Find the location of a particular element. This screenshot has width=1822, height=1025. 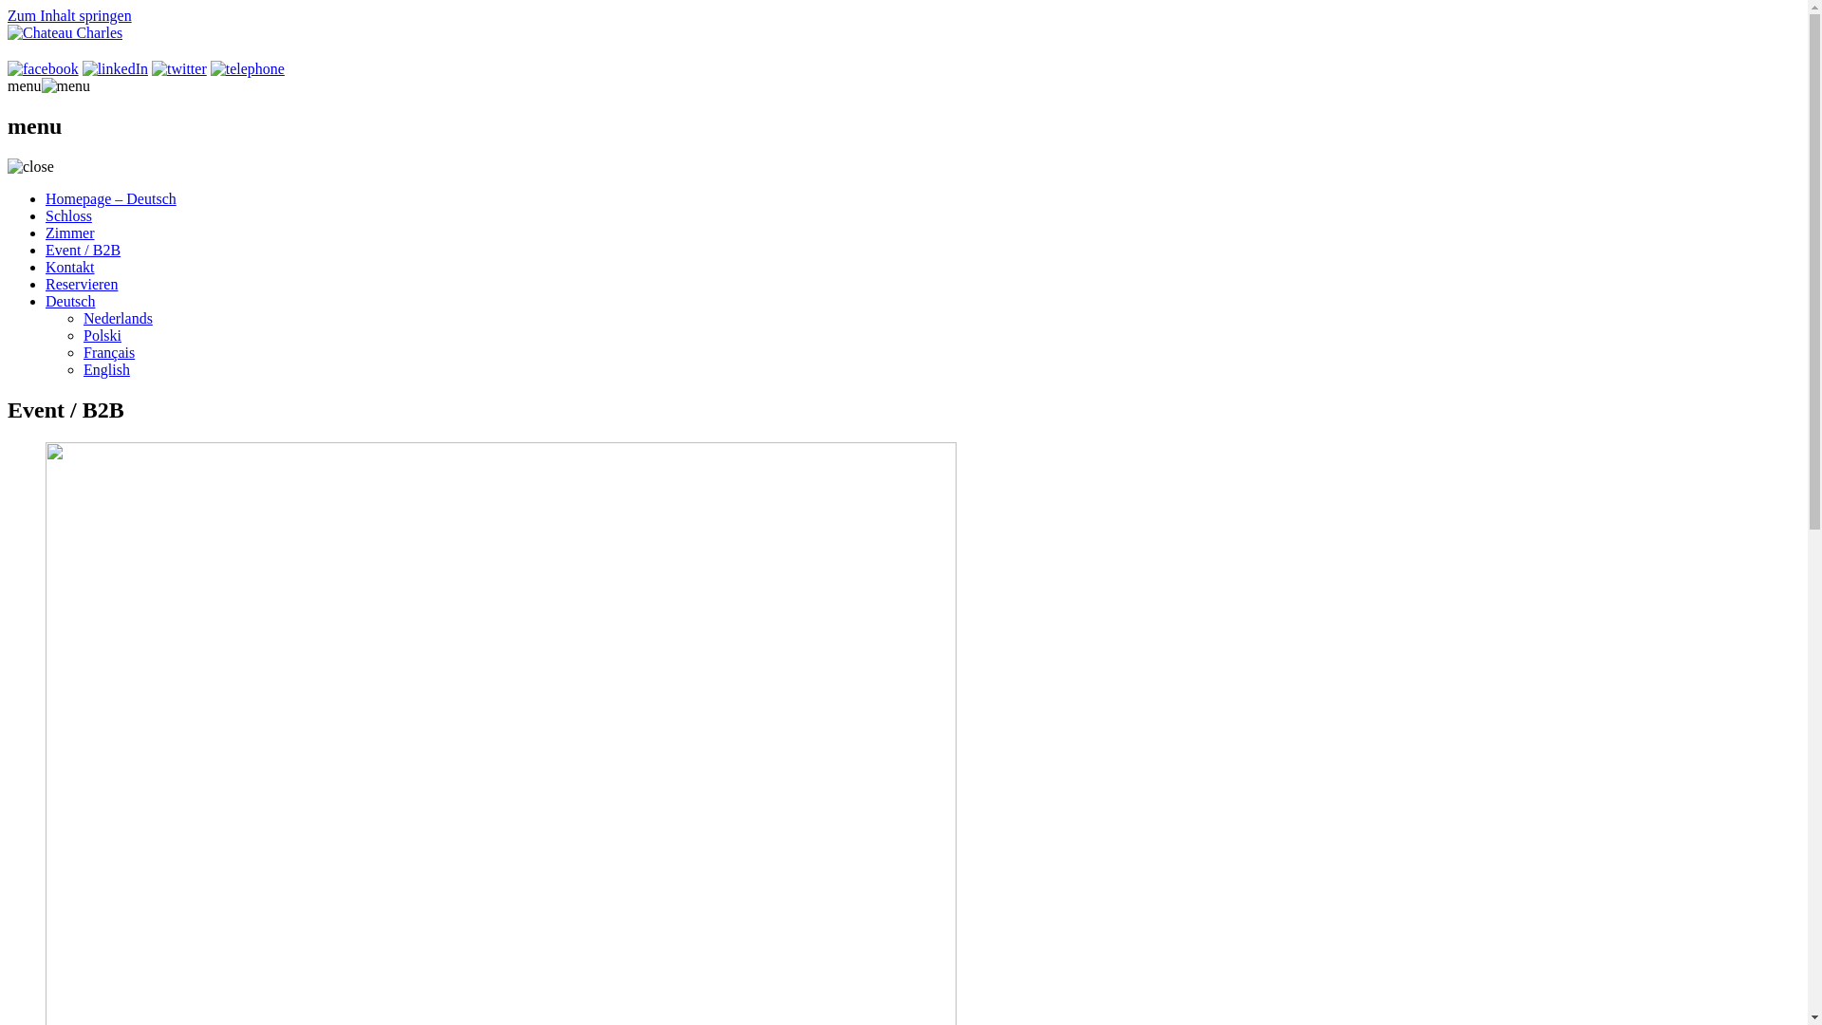

'Schloss' is located at coordinates (68, 214).